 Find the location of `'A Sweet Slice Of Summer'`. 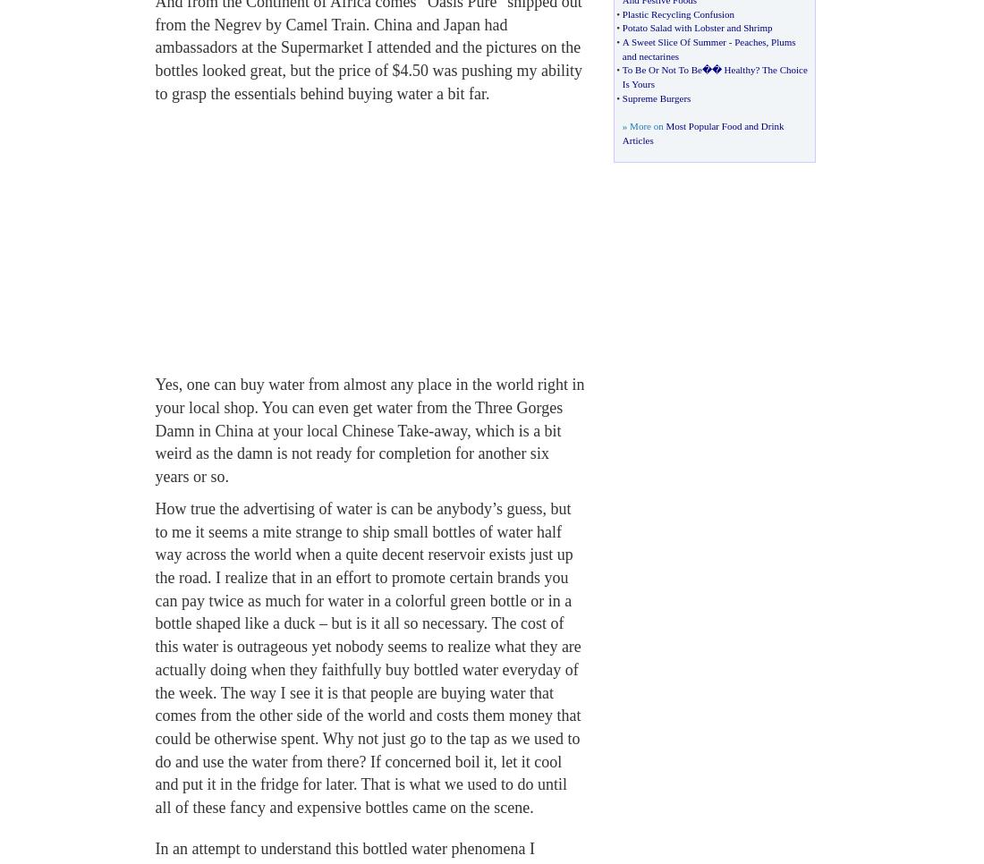

'A Sweet Slice Of Summer' is located at coordinates (672, 40).